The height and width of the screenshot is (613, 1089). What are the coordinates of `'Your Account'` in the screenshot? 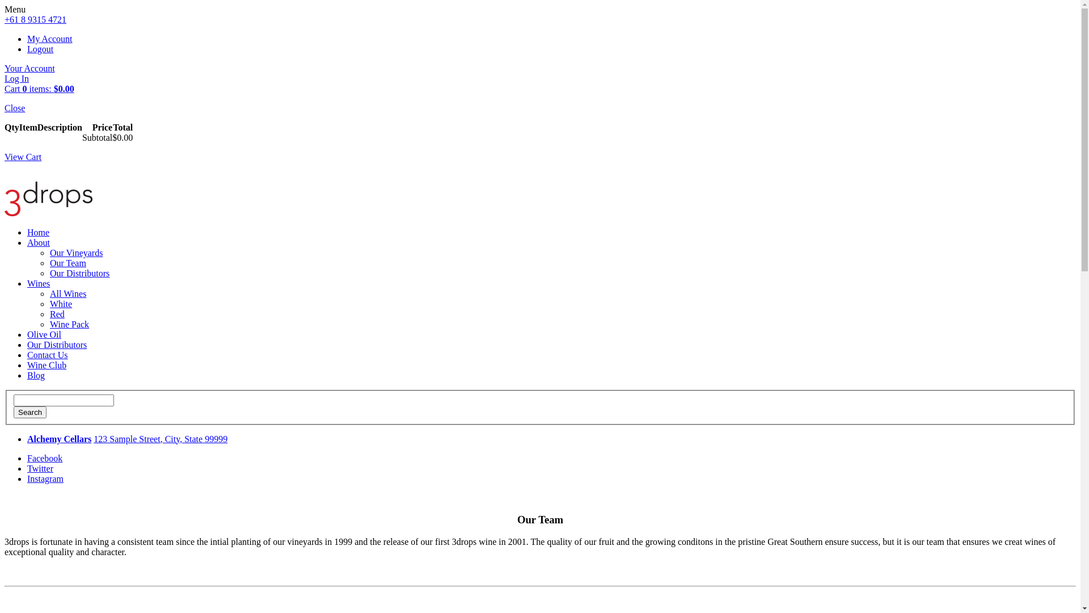 It's located at (29, 68).